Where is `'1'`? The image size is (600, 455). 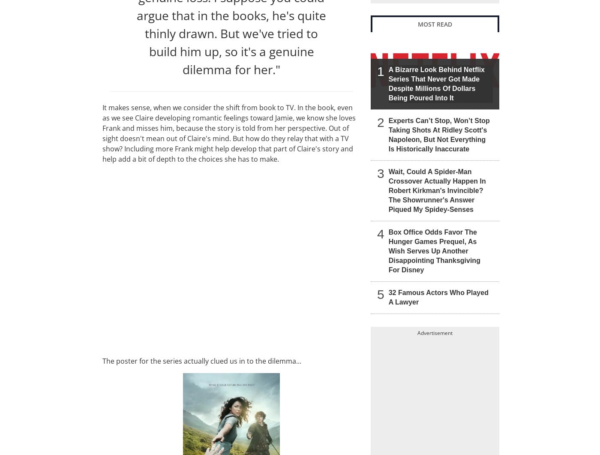 '1' is located at coordinates (377, 71).